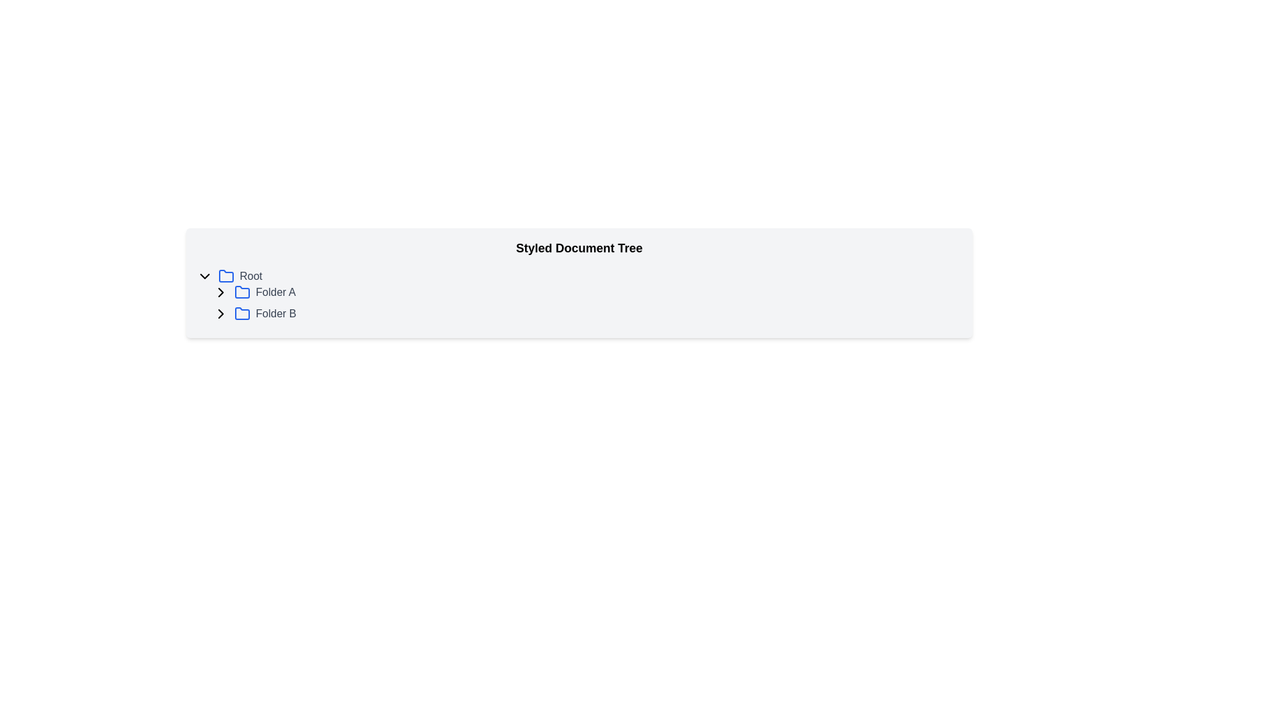 The height and width of the screenshot is (723, 1286). What do you see at coordinates (221, 291) in the screenshot?
I see `the right-facing chevron icon` at bounding box center [221, 291].